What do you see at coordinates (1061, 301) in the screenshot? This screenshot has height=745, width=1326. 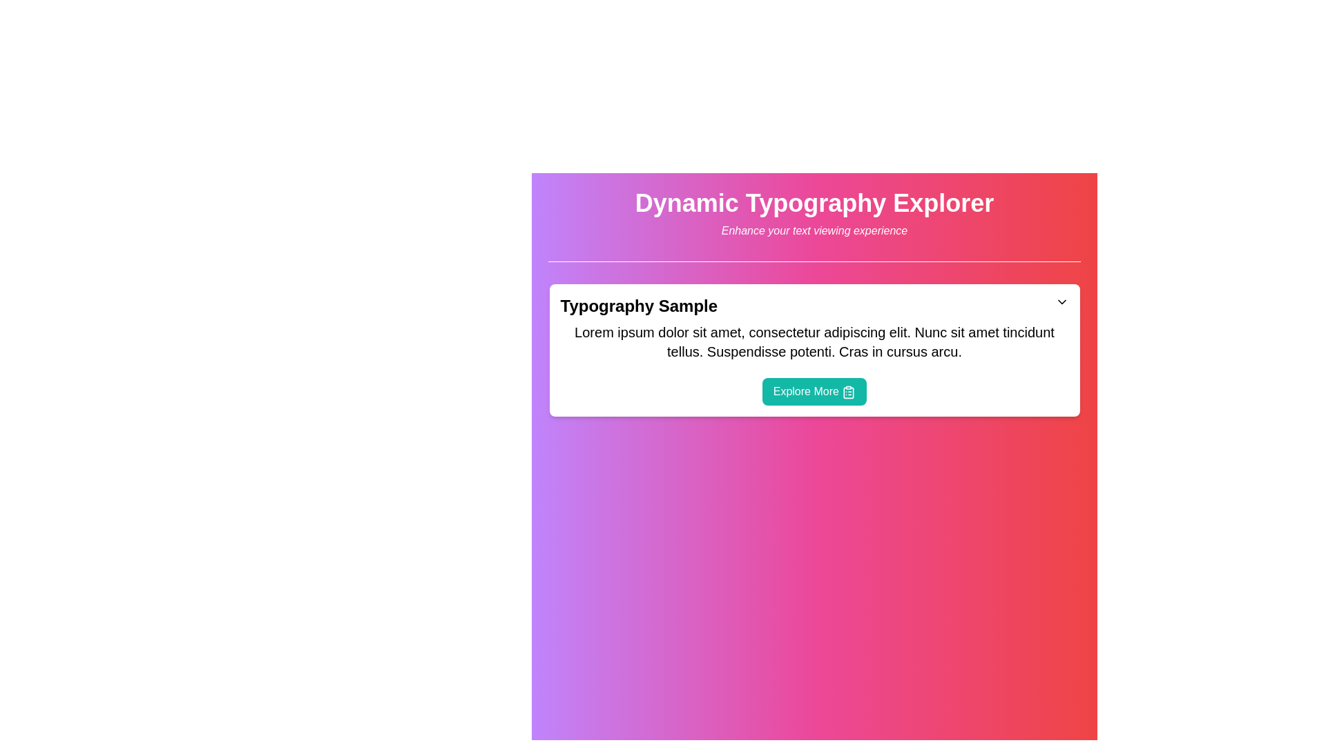 I see `the downward-pointing chevron icon located to the right of the header text 'Typography Sample' within the card, which indicates a dropdown or collapsible content toggle` at bounding box center [1061, 301].